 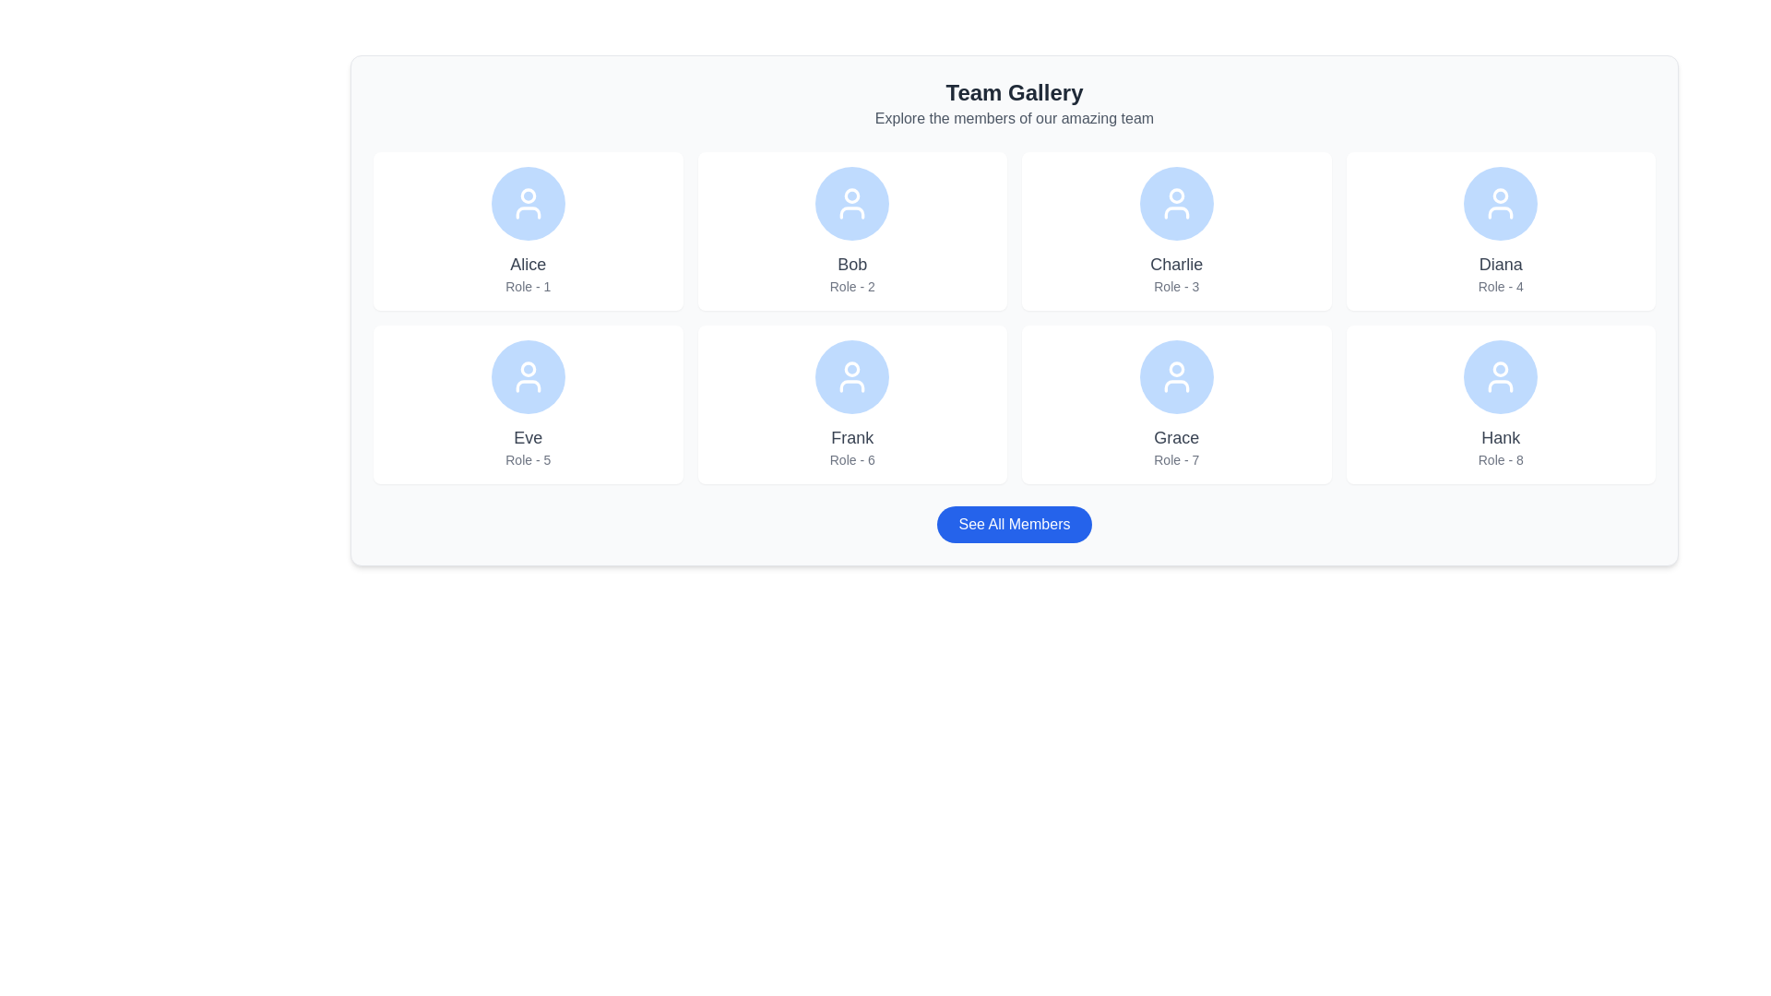 What do you see at coordinates (1501, 287) in the screenshot?
I see `text content of the label displaying the role information ('Role - 4') for the individual named Diana, located in the center-bottom area of Diana's card` at bounding box center [1501, 287].